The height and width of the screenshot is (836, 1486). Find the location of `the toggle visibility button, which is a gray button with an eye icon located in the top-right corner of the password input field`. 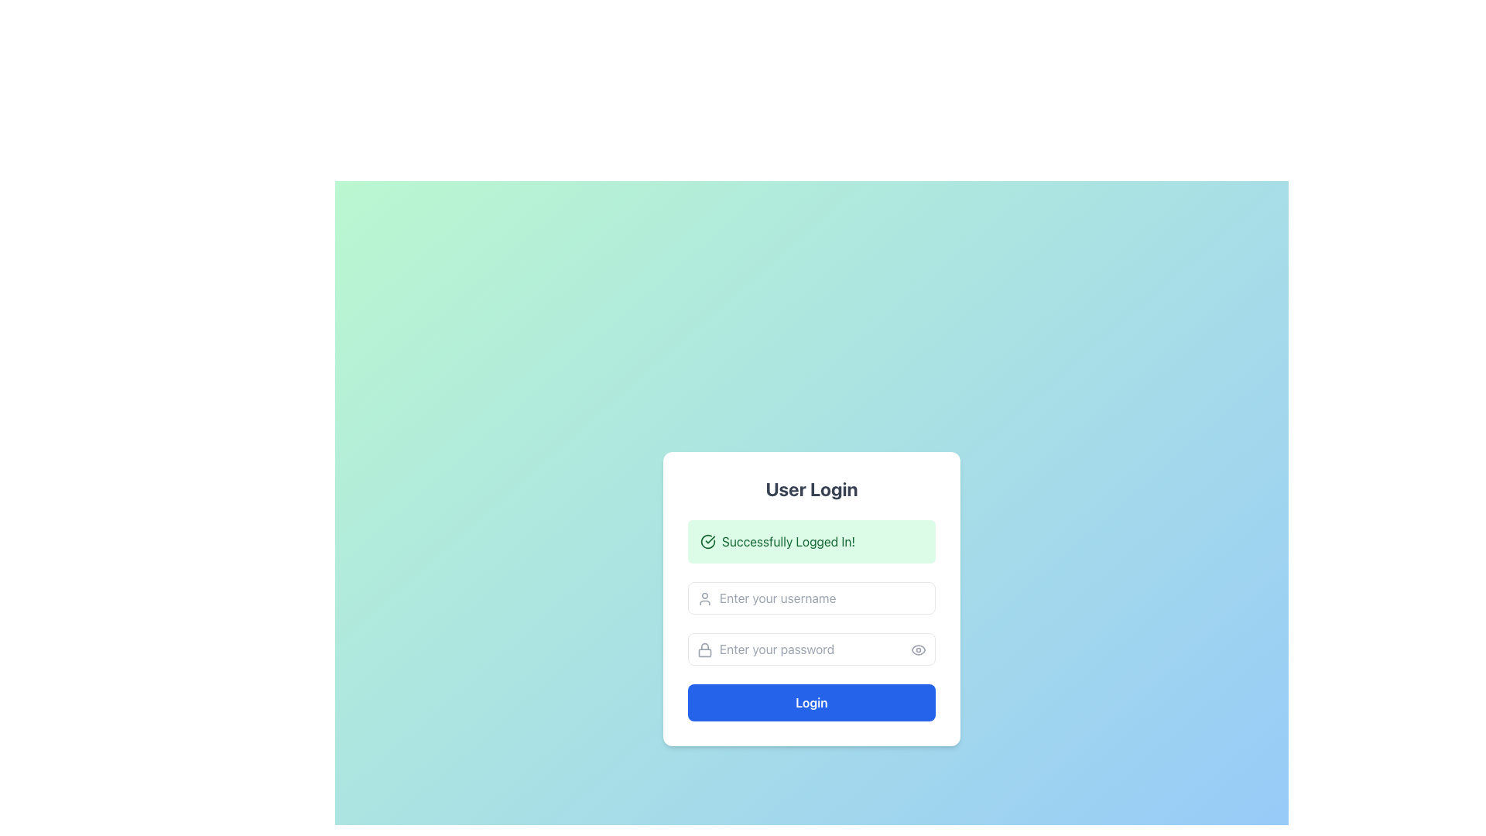

the toggle visibility button, which is a gray button with an eye icon located in the top-right corner of the password input field is located at coordinates (918, 650).